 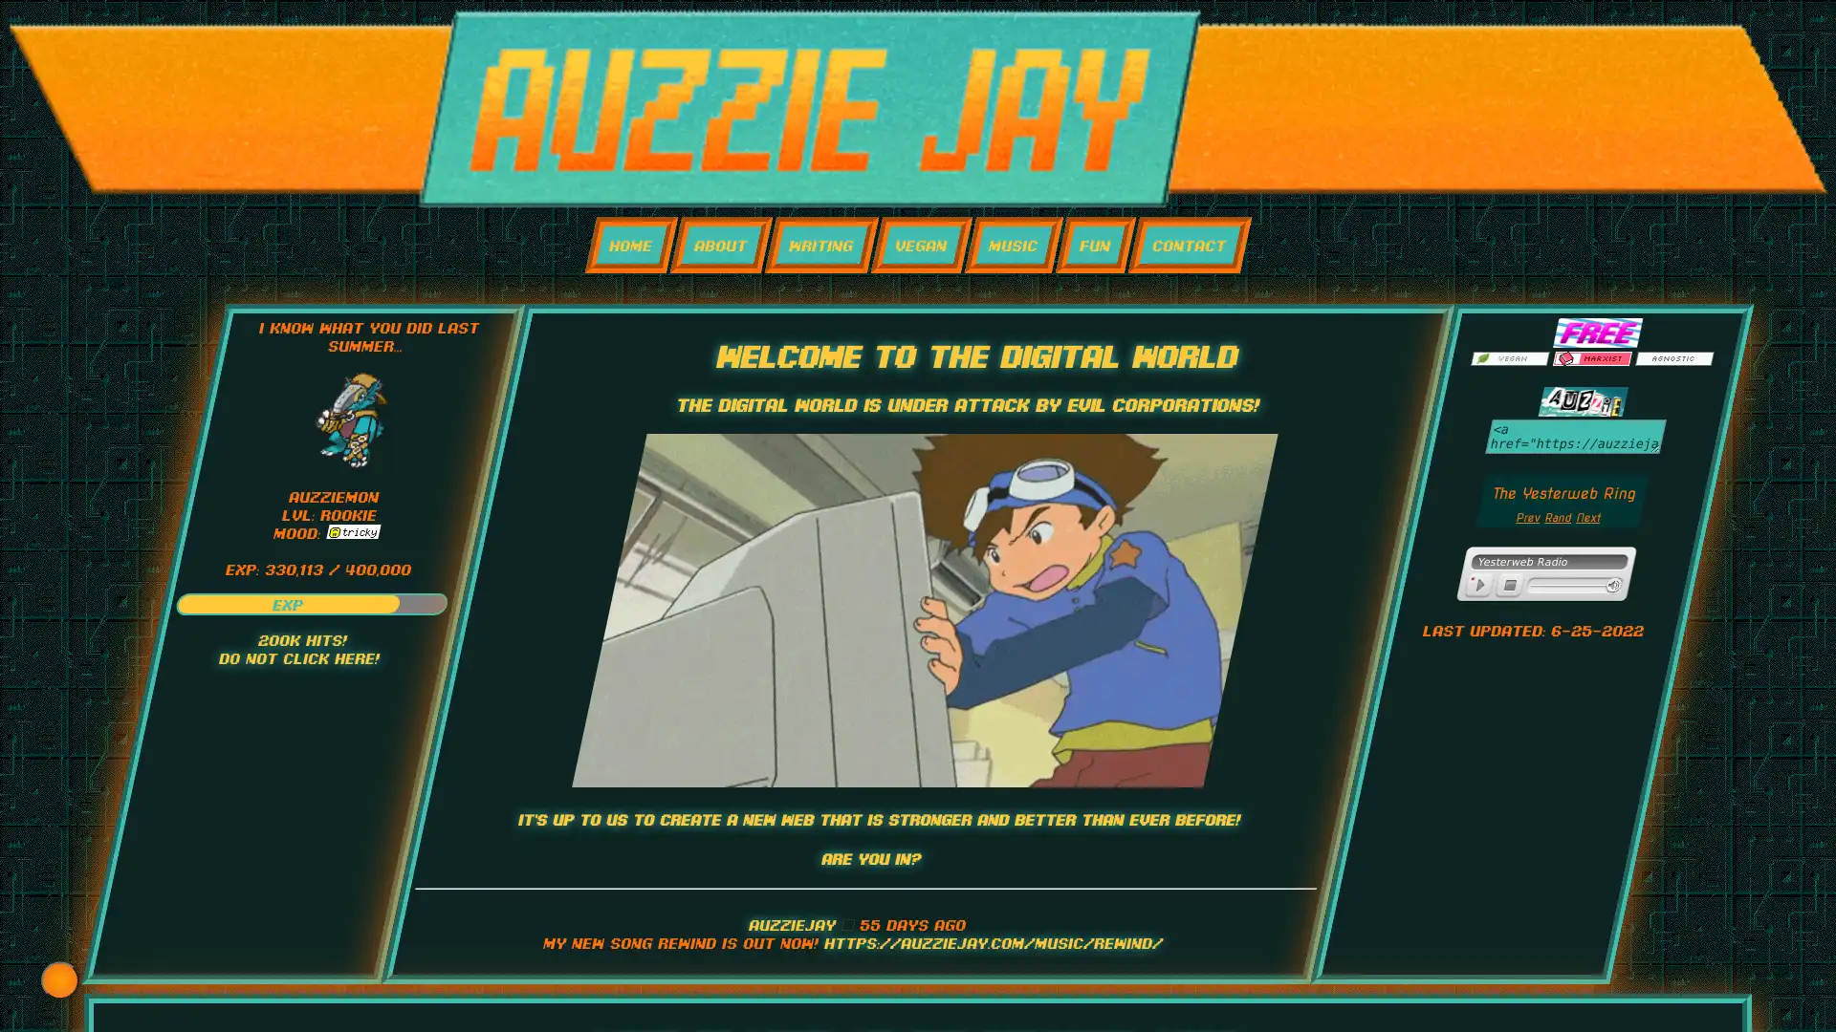 I want to click on WRITING, so click(x=820, y=244).